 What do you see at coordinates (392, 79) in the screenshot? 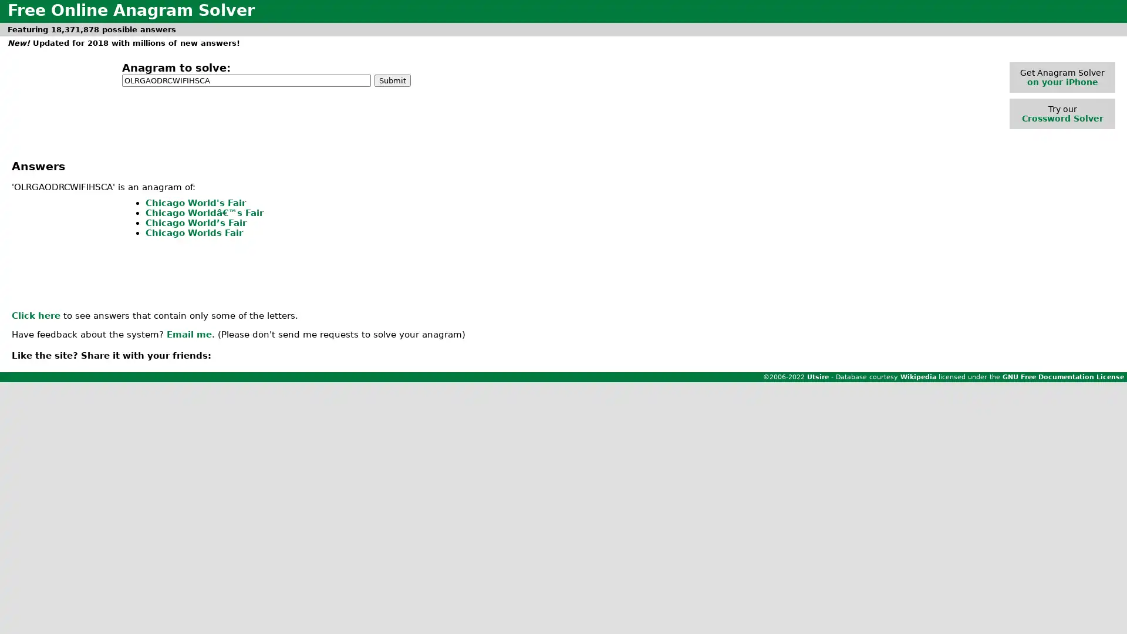
I see `Submit` at bounding box center [392, 79].